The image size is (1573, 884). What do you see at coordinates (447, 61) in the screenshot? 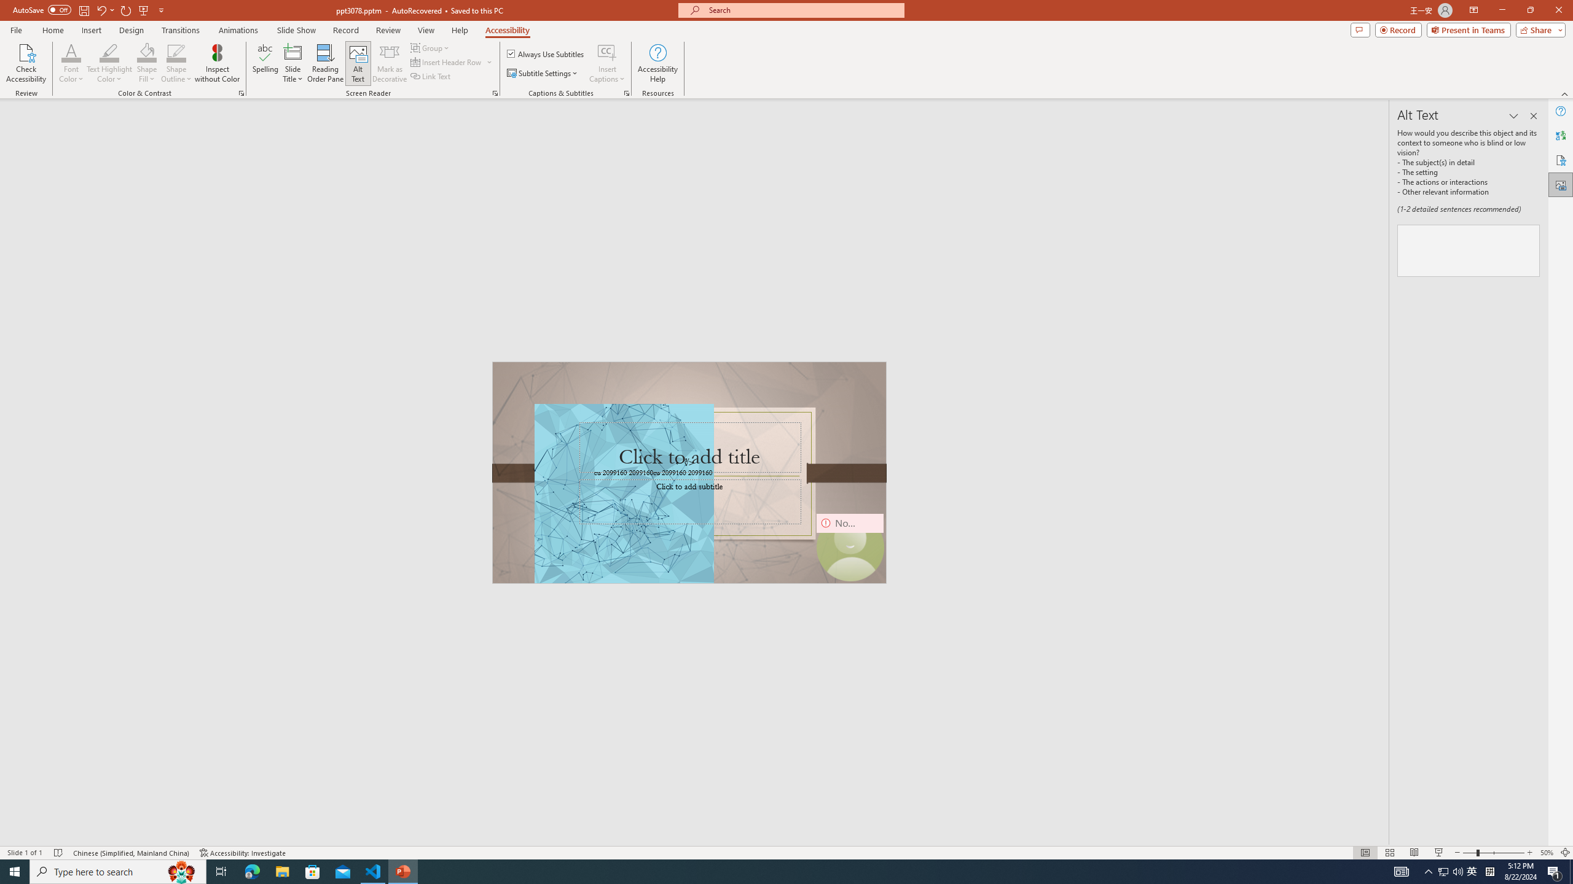
I see `'Insert Header Row'` at bounding box center [447, 61].